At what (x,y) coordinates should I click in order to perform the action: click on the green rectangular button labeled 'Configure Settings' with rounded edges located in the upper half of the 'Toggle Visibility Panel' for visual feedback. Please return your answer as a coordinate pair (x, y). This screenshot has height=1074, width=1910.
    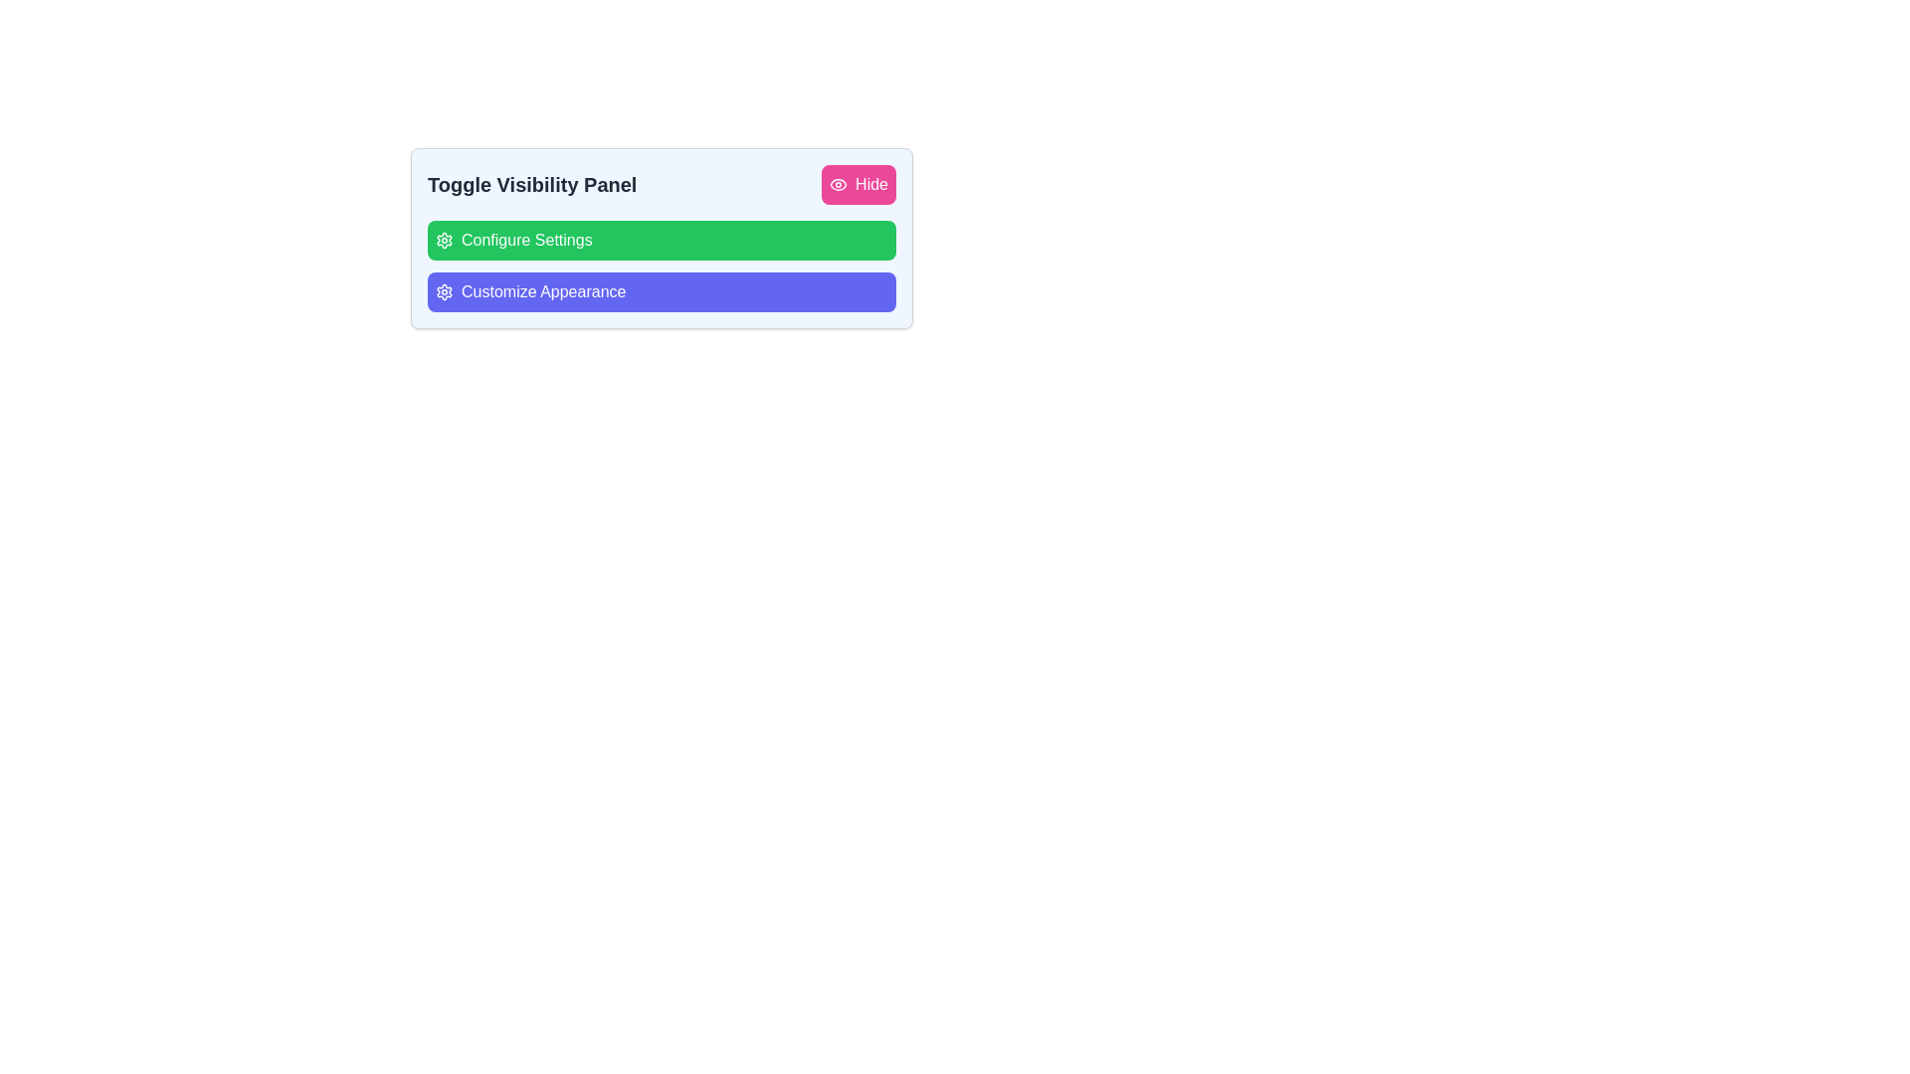
    Looking at the image, I should click on (662, 240).